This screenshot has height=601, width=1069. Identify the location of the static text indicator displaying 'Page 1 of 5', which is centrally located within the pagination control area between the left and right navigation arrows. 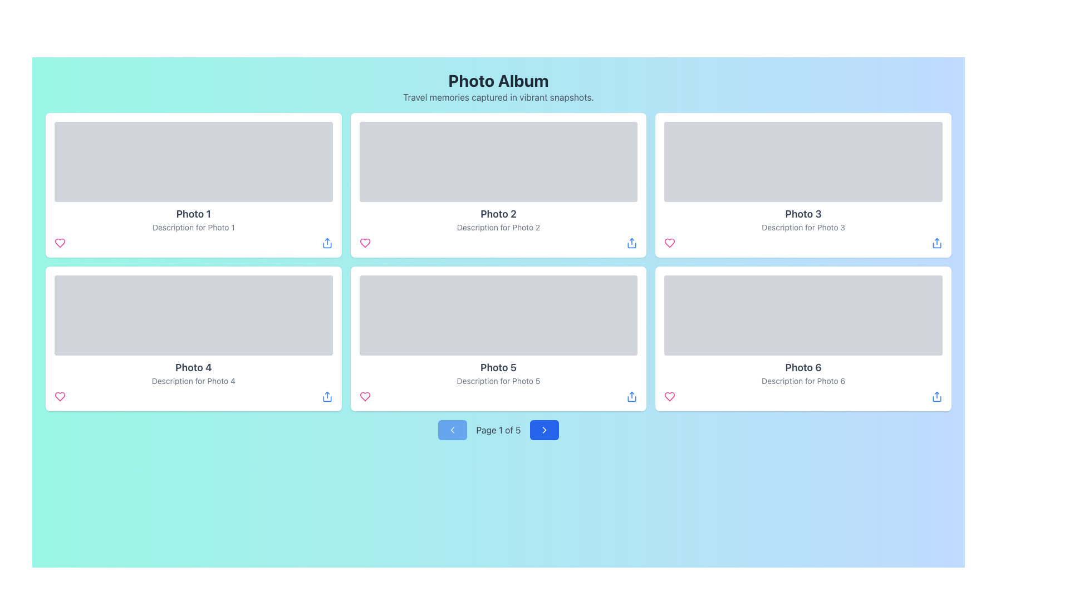
(498, 429).